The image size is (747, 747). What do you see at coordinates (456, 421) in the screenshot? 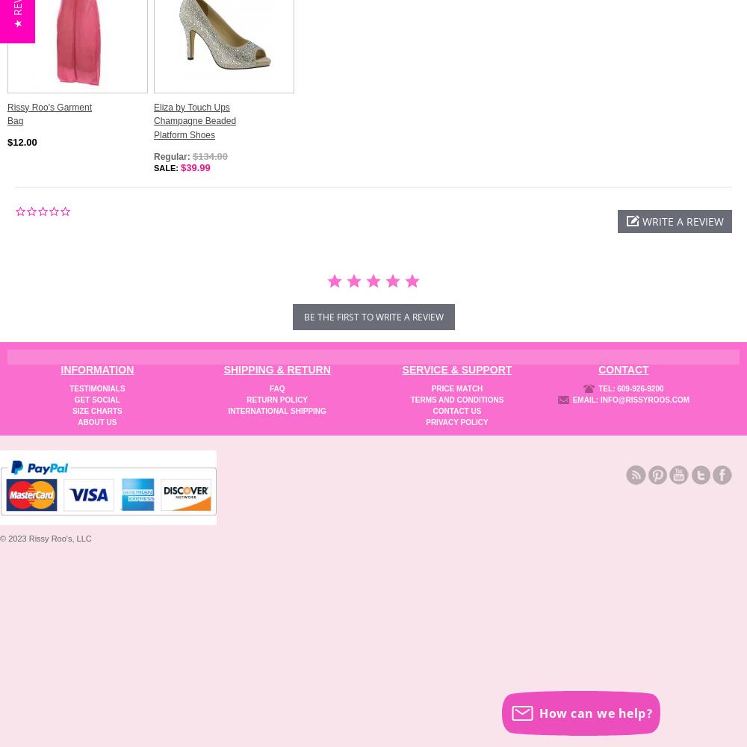
I see `'Privacy Policy'` at bounding box center [456, 421].